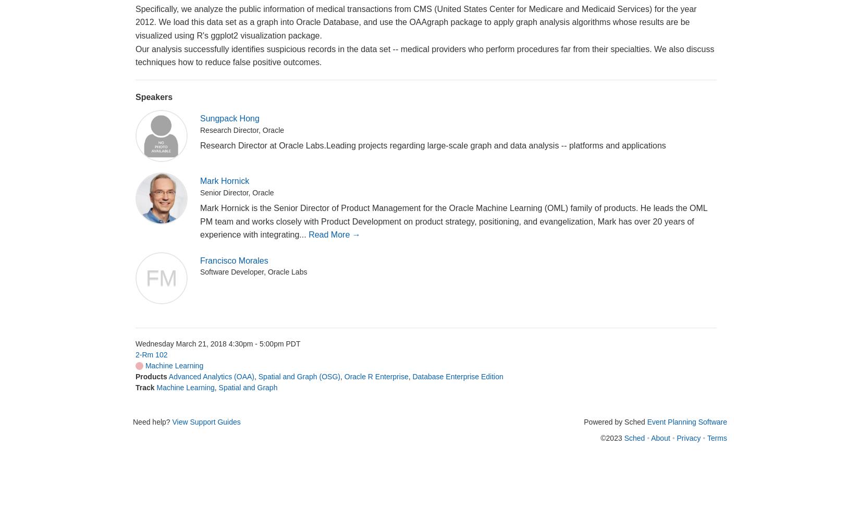 This screenshot has height=521, width=860. What do you see at coordinates (224, 180) in the screenshot?
I see `'Mark Hornick'` at bounding box center [224, 180].